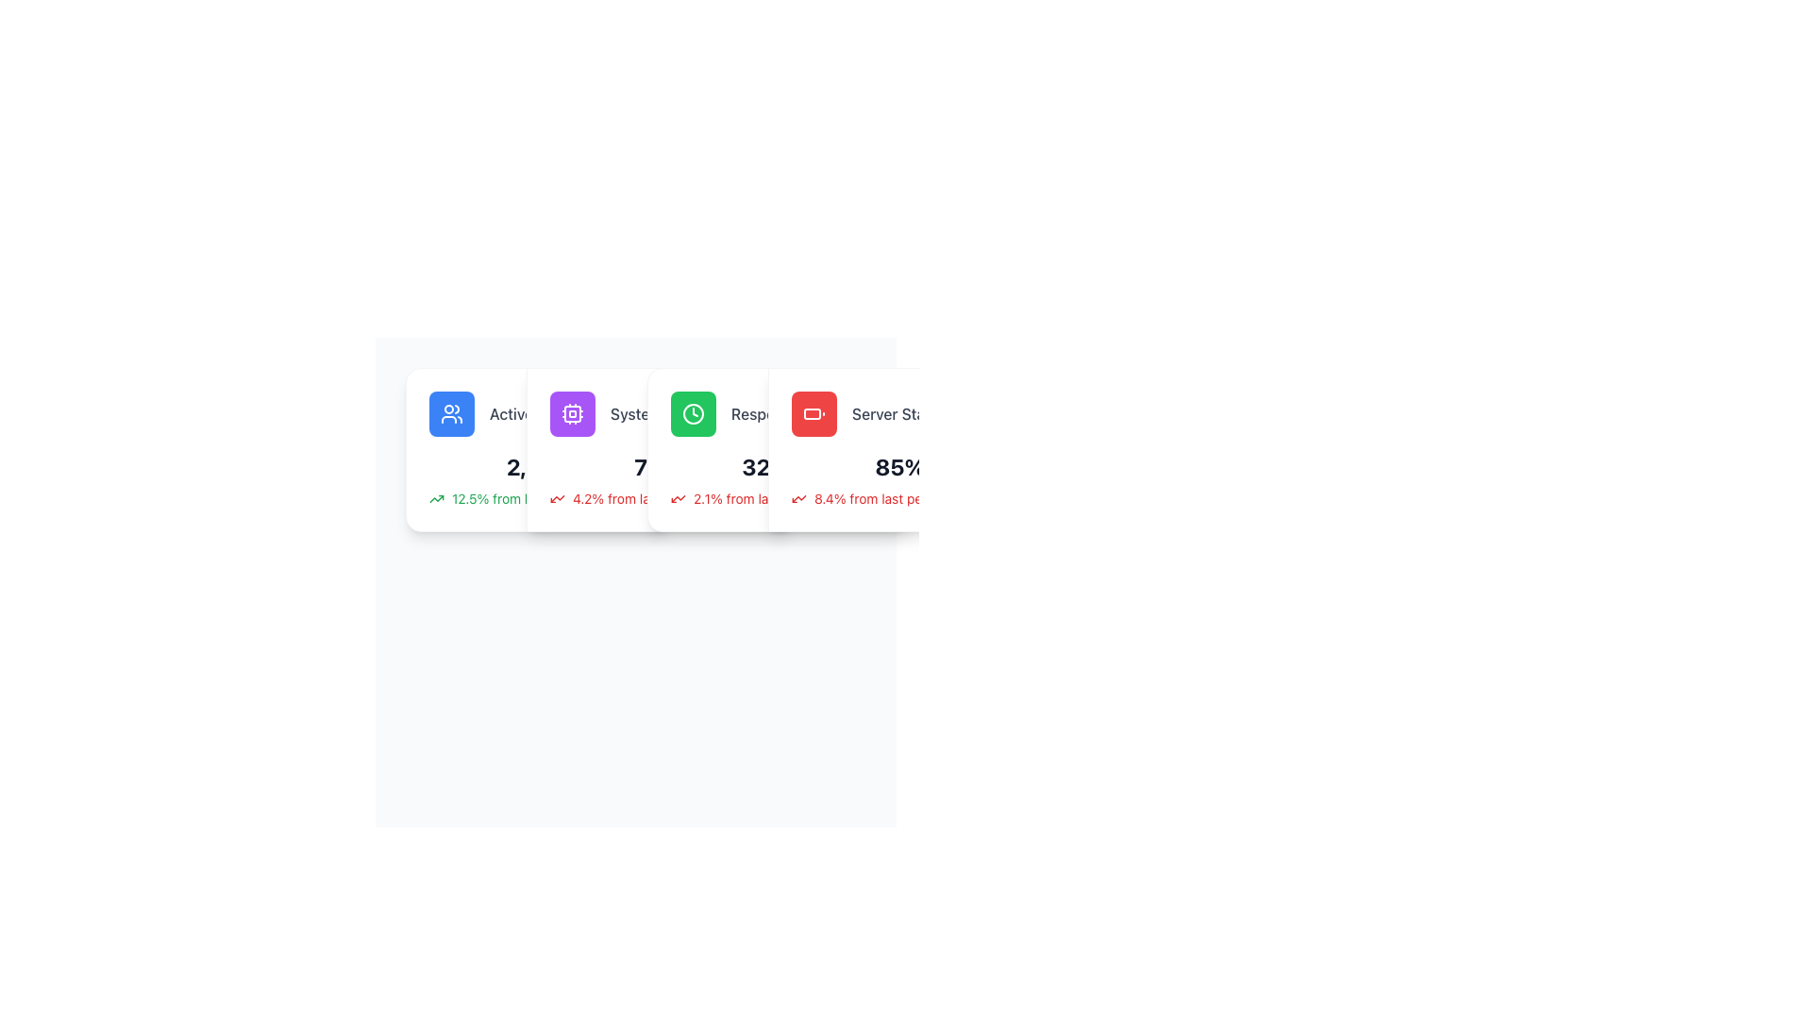  What do you see at coordinates (898, 413) in the screenshot?
I see `the label that indicates the server status, located to the right of a red battery icon` at bounding box center [898, 413].